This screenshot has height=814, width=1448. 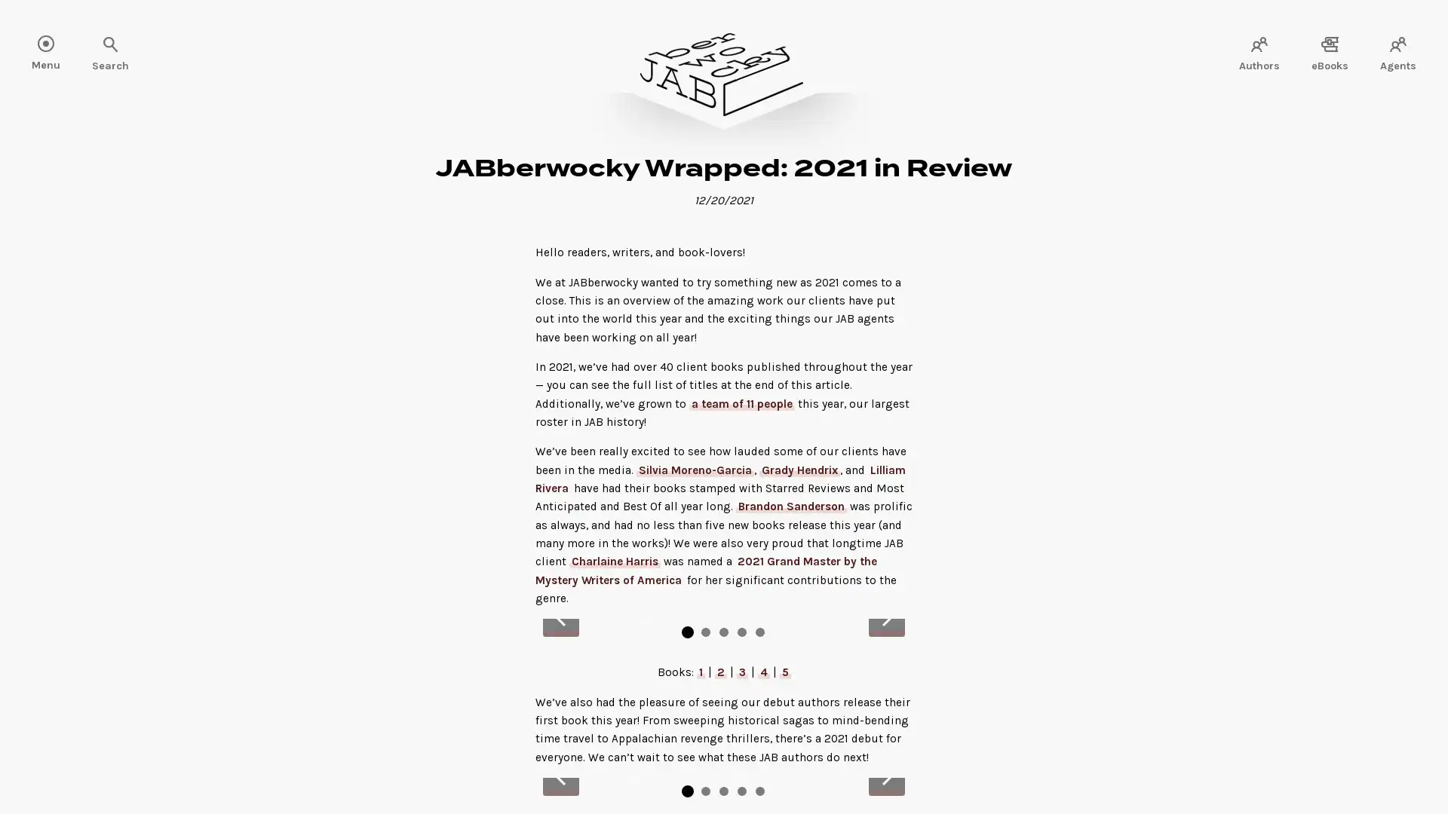 What do you see at coordinates (741, 632) in the screenshot?
I see `Go to slide 4` at bounding box center [741, 632].